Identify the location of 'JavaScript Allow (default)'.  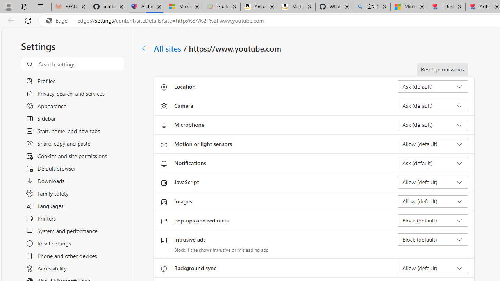
(432, 182).